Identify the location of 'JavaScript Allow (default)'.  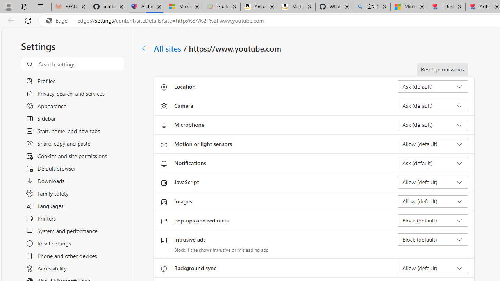
(432, 182).